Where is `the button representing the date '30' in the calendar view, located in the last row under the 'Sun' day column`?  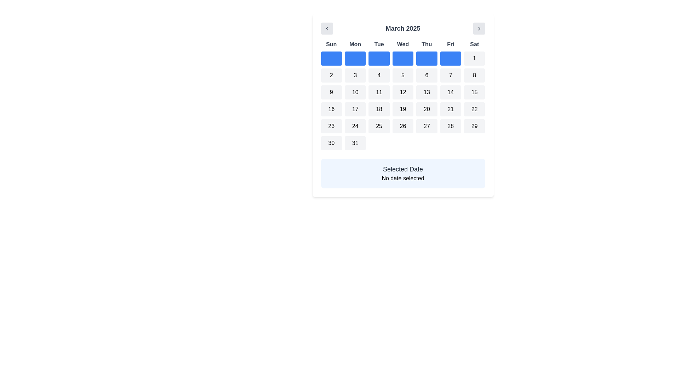
the button representing the date '30' in the calendar view, located in the last row under the 'Sun' day column is located at coordinates (331, 143).